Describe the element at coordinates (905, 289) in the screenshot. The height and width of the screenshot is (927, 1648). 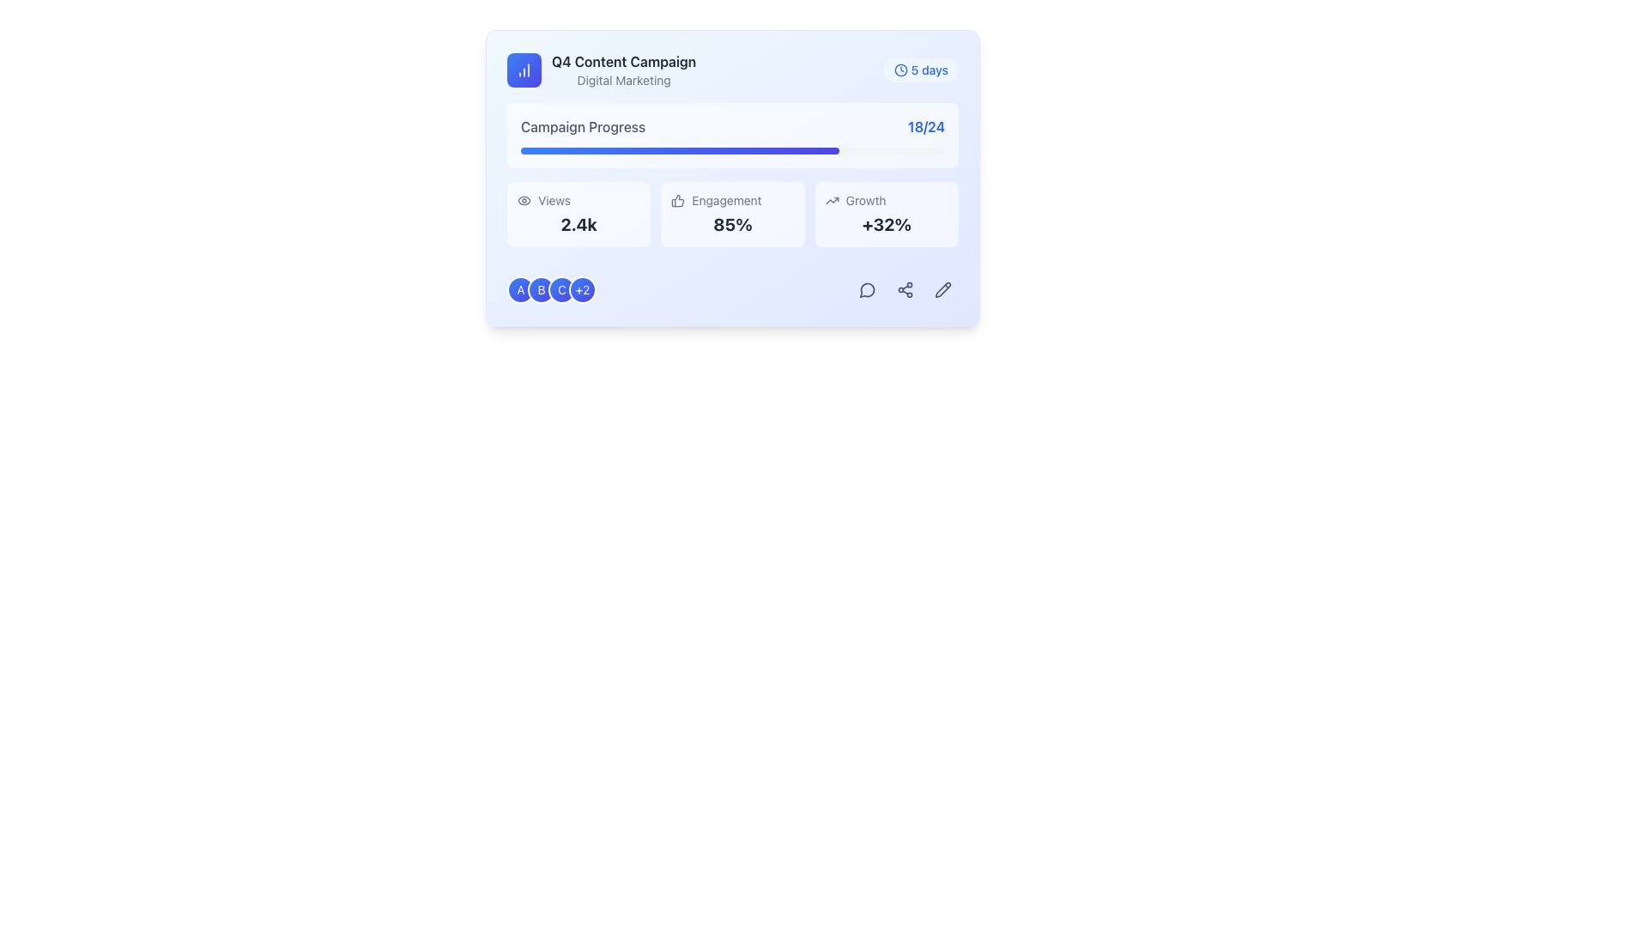
I see `the share icon button located in the lower right corner of the card-like interface, which is the second icon from the right, positioned between a speech bubble icon on its left and a pencil icon on its right` at that location.